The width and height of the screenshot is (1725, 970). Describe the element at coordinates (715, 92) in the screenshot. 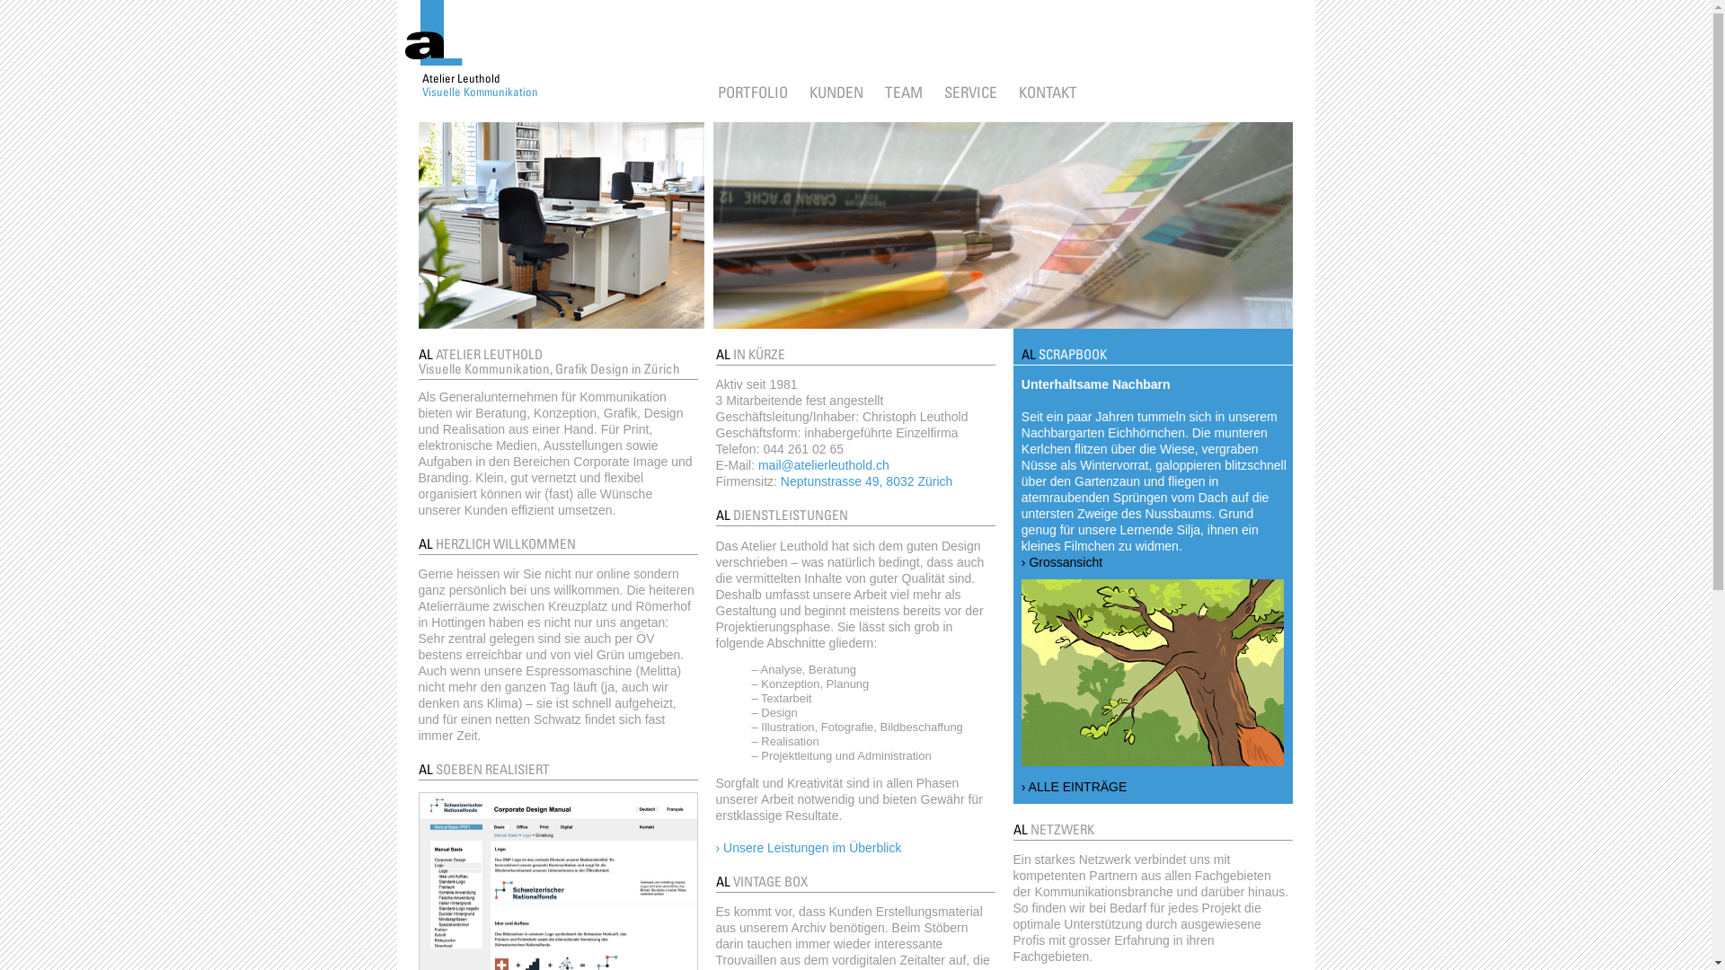

I see `'PORTFOLIO'` at that location.